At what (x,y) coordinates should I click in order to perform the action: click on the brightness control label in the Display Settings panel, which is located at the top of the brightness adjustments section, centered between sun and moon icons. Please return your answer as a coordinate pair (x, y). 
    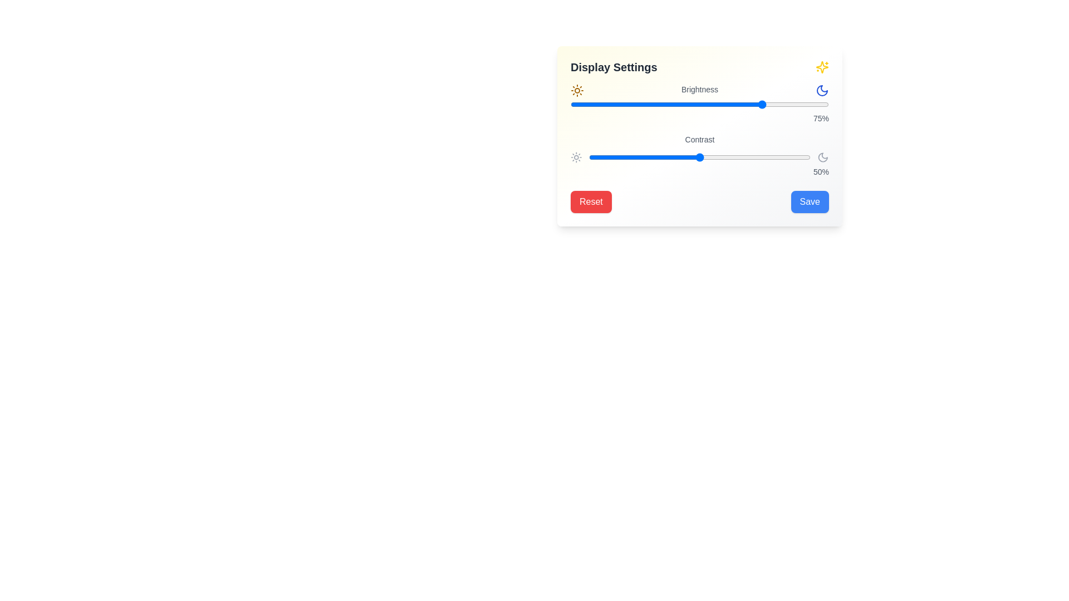
    Looking at the image, I should click on (699, 90).